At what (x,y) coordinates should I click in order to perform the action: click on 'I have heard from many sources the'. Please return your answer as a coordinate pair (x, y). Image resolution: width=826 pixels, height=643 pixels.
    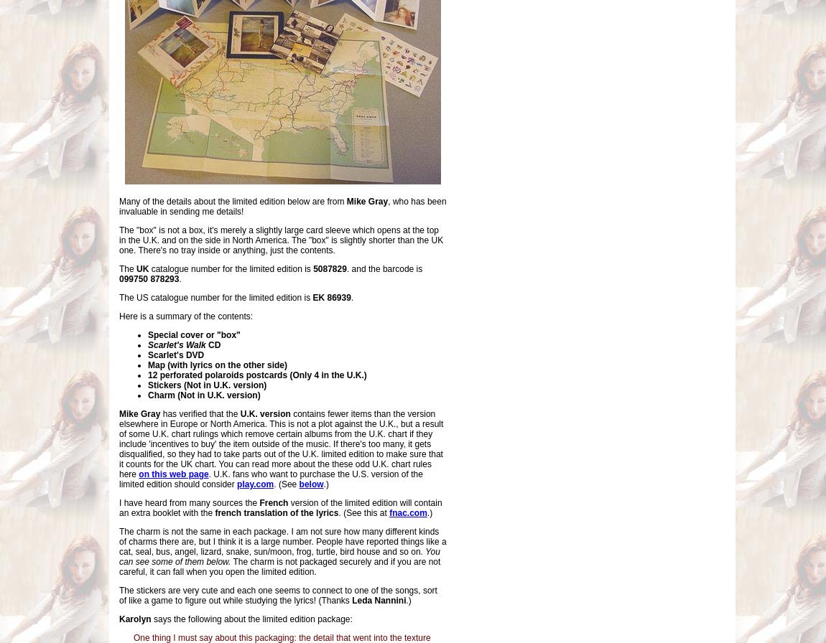
    Looking at the image, I should click on (188, 503).